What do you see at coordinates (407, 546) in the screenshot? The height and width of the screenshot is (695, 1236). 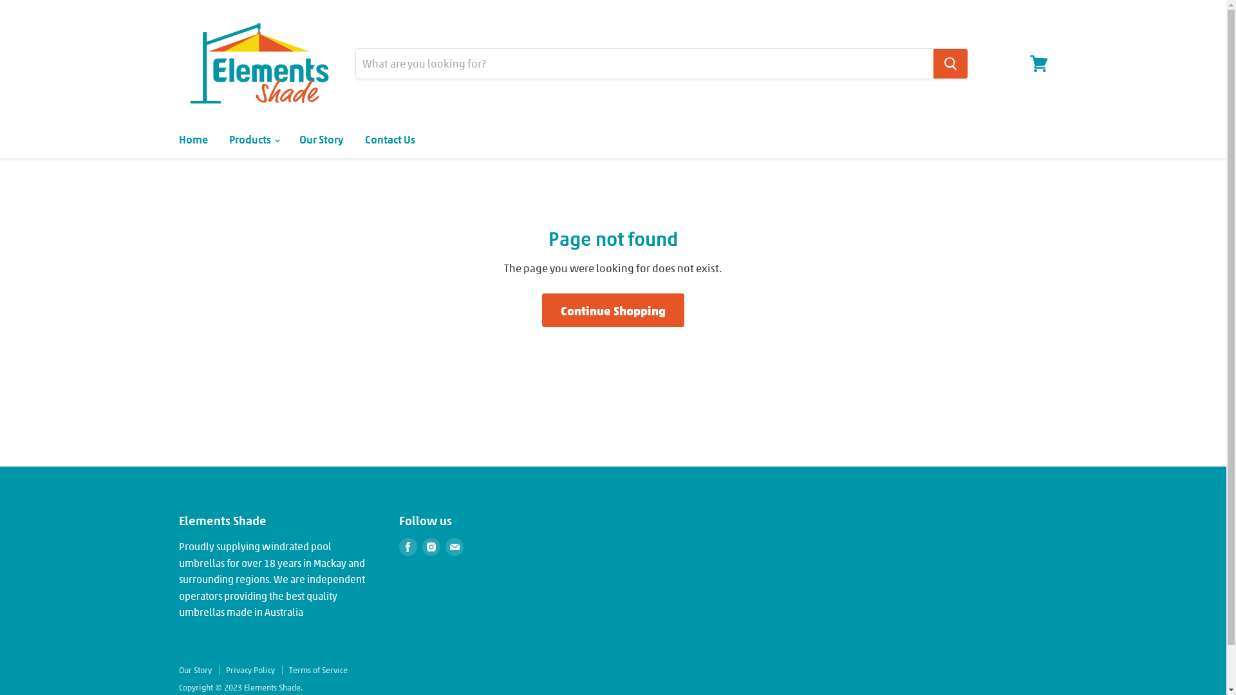 I see `'Find us on Facebook'` at bounding box center [407, 546].